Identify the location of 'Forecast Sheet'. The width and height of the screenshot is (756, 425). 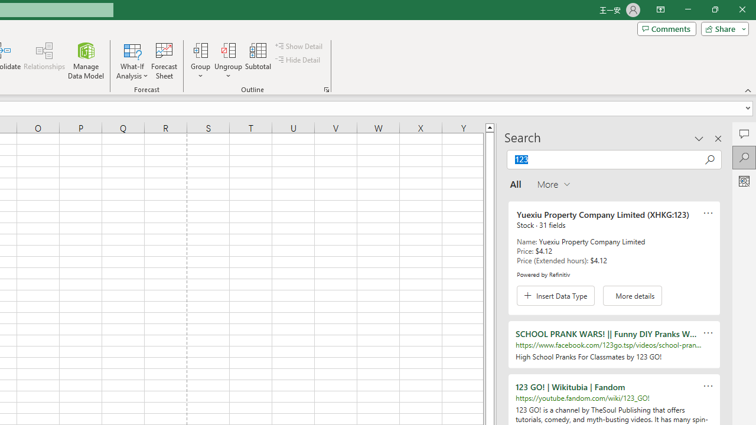
(164, 61).